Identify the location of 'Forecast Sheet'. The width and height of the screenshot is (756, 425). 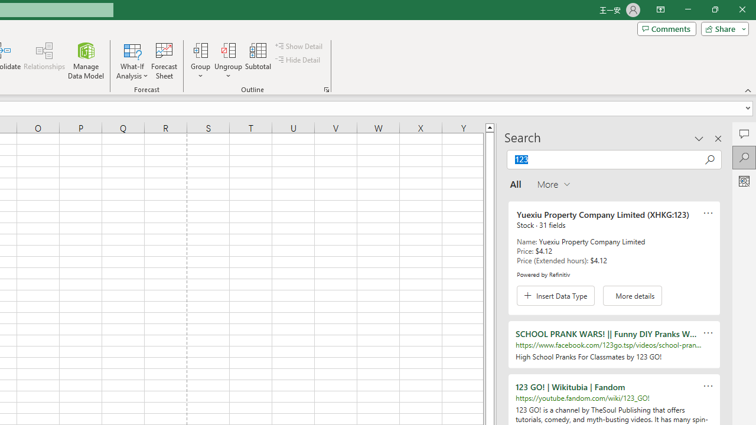
(164, 61).